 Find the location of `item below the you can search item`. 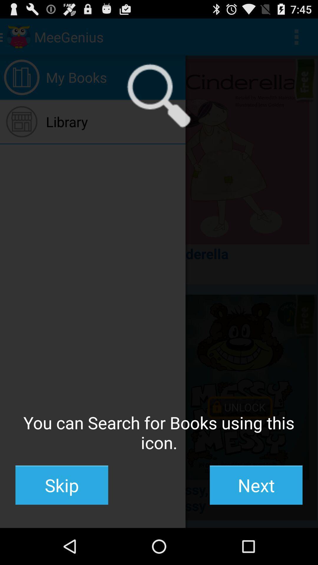

item below the you can search item is located at coordinates (256, 485).